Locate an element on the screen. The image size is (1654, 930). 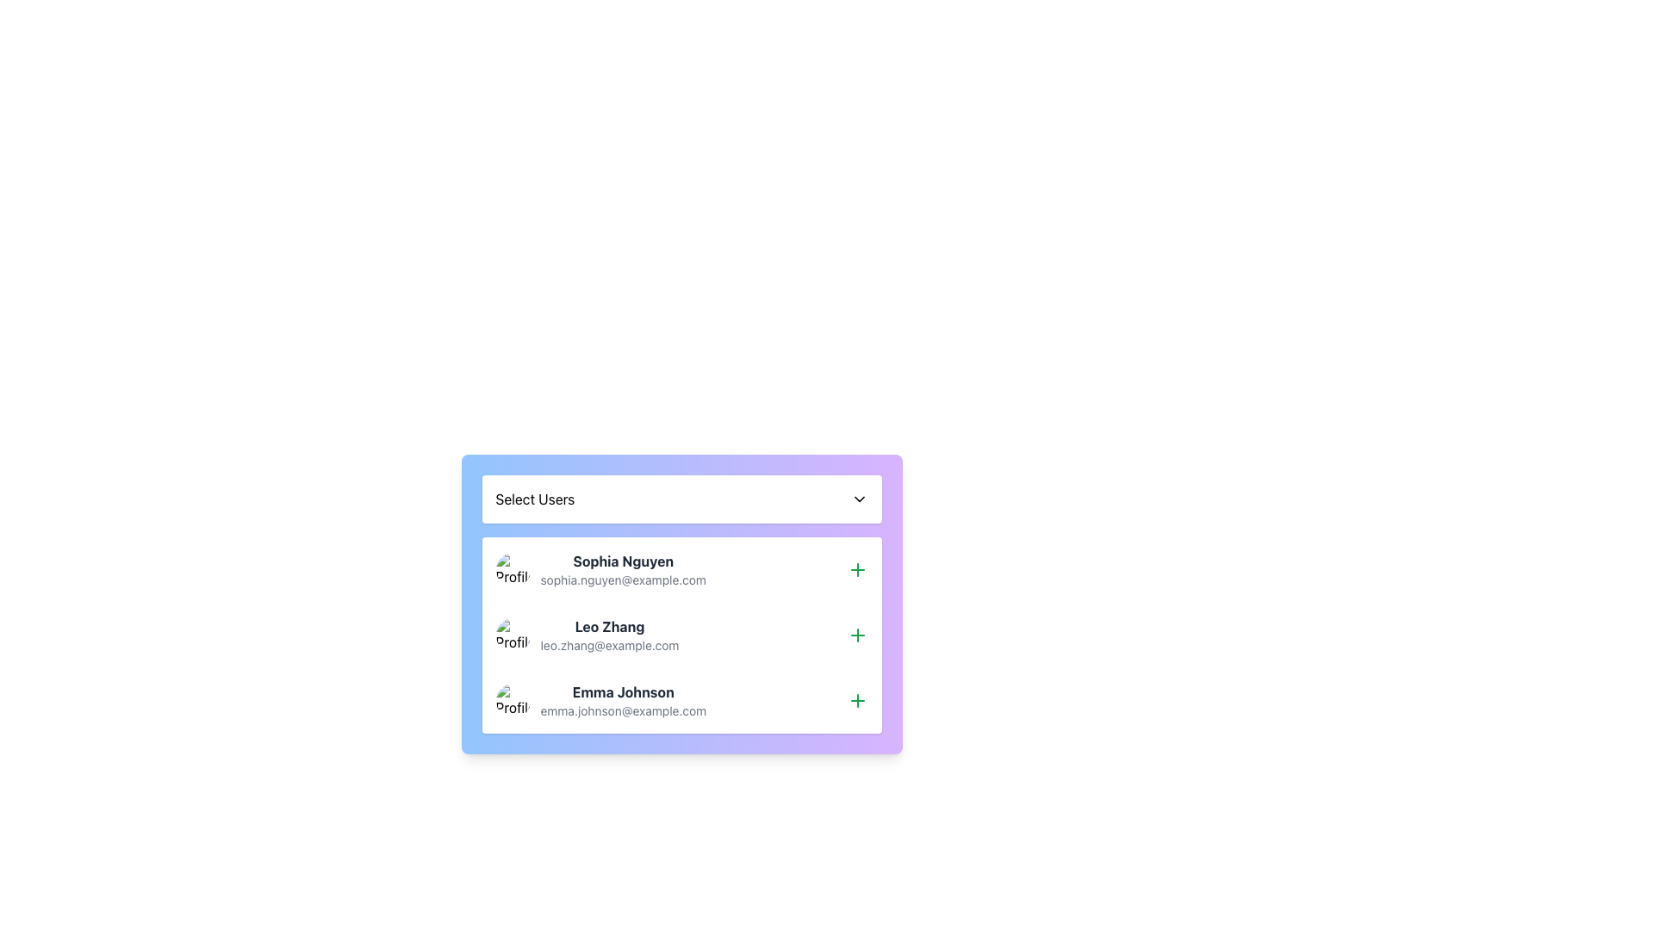
the downward-pointing chevron icon in the 'Select Users' dropdown menu is located at coordinates (859, 499).